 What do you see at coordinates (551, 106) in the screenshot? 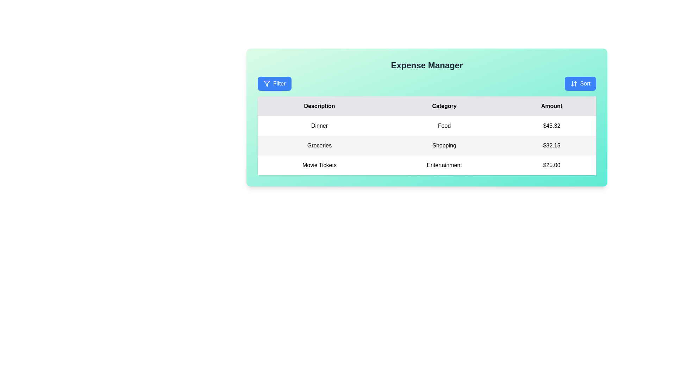
I see `the 'Amount' label which is the header of the third column in the expense management table, styled with a gray background and centered black bold text` at bounding box center [551, 106].